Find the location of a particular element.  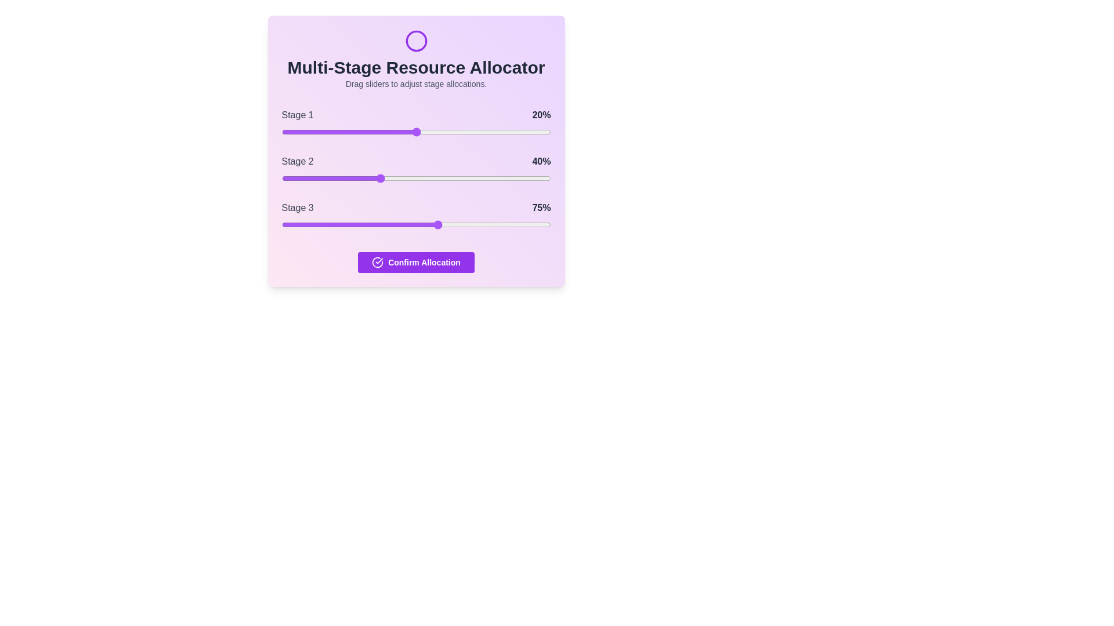

the slider for Stage 1 to 6% is located at coordinates (298, 131).